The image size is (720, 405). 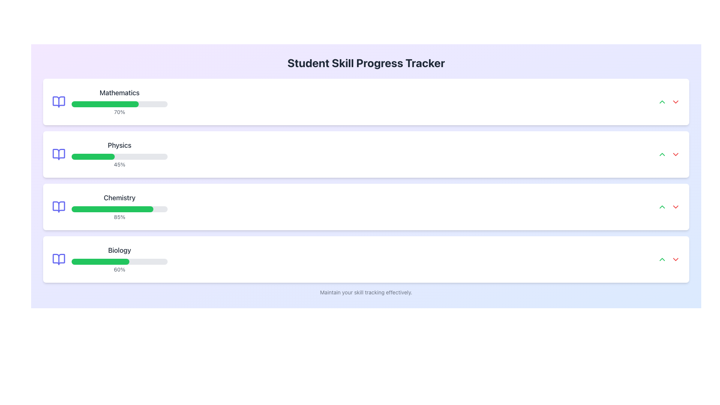 What do you see at coordinates (109, 207) in the screenshot?
I see `displayed information from the Progress Indicator, which is the third entry in a vertical list layout, located below the entries for Mathematics and Physics` at bounding box center [109, 207].